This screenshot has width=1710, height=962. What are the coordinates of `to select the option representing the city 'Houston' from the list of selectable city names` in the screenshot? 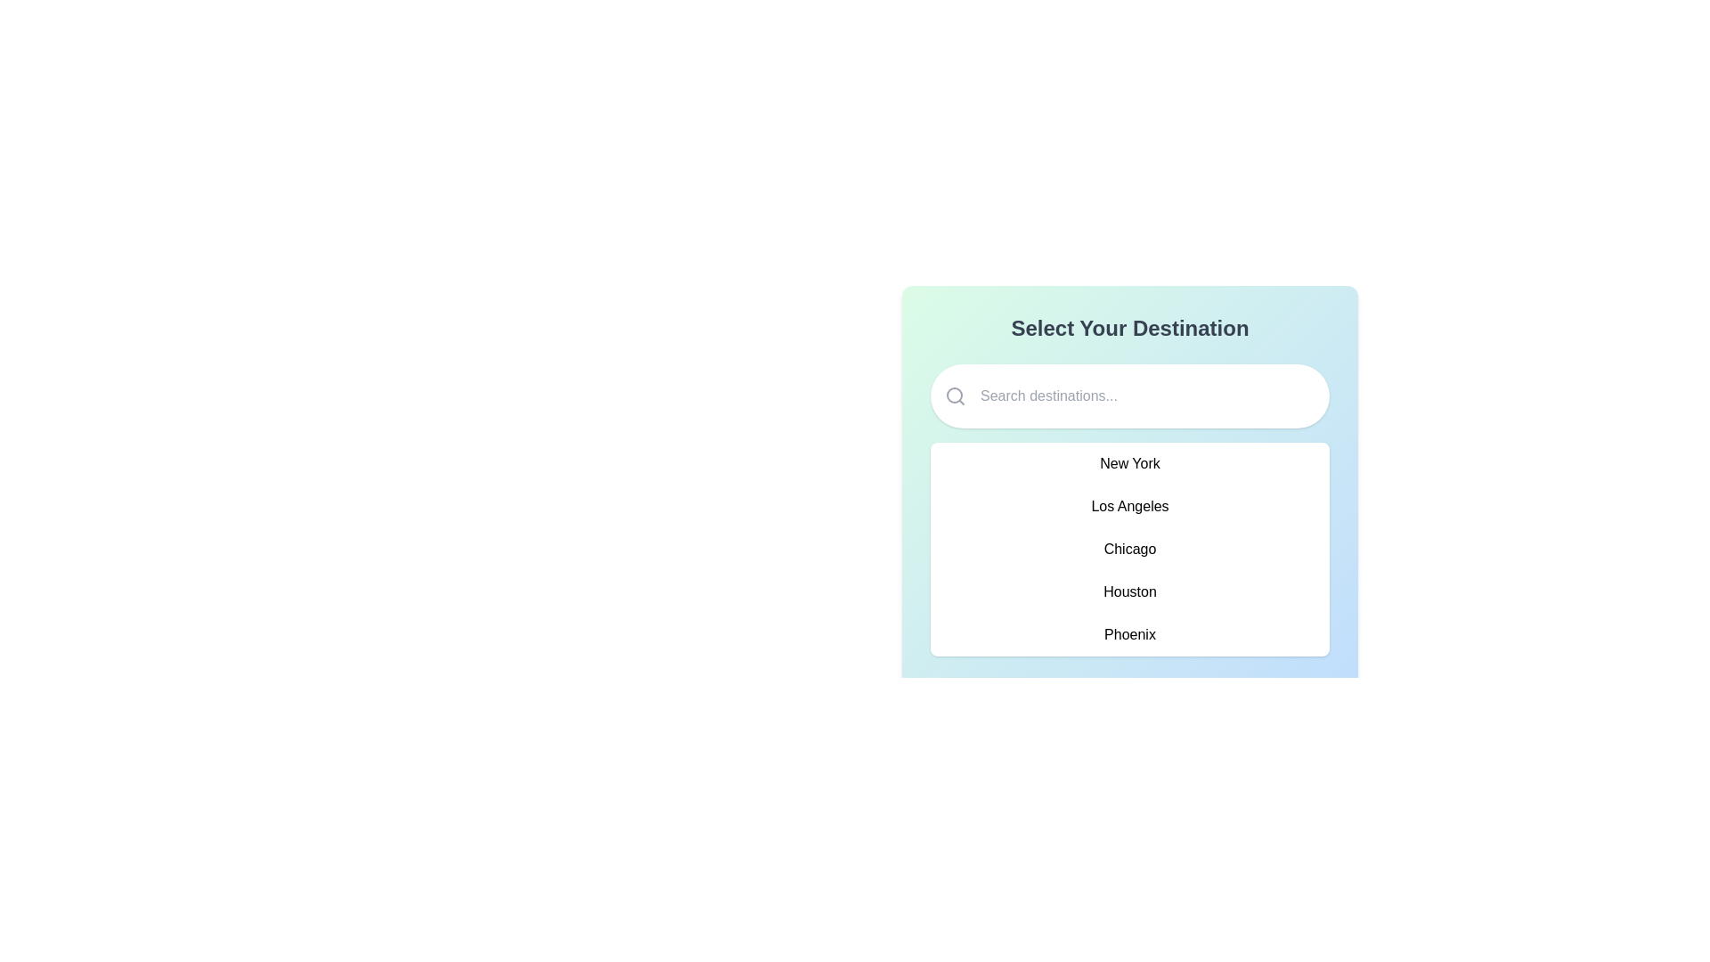 It's located at (1128, 591).